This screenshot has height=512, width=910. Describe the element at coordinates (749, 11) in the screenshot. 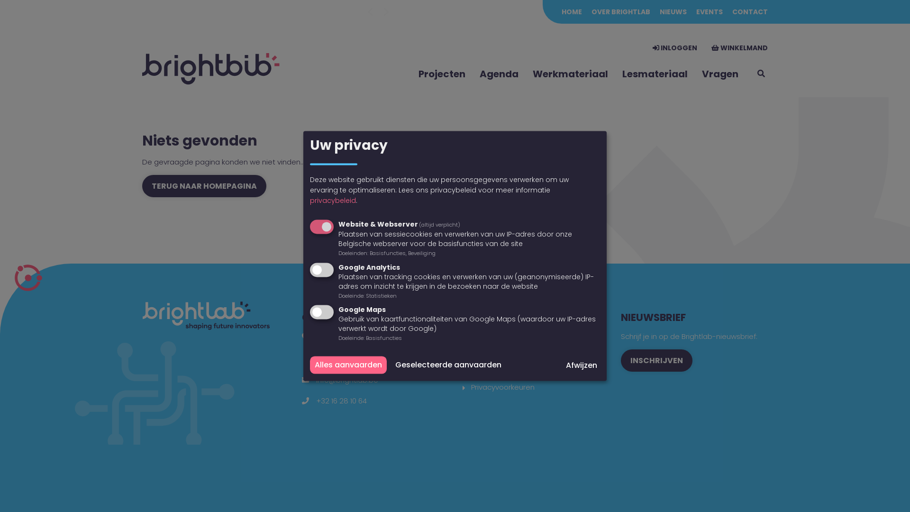

I see `'CONTACT'` at that location.